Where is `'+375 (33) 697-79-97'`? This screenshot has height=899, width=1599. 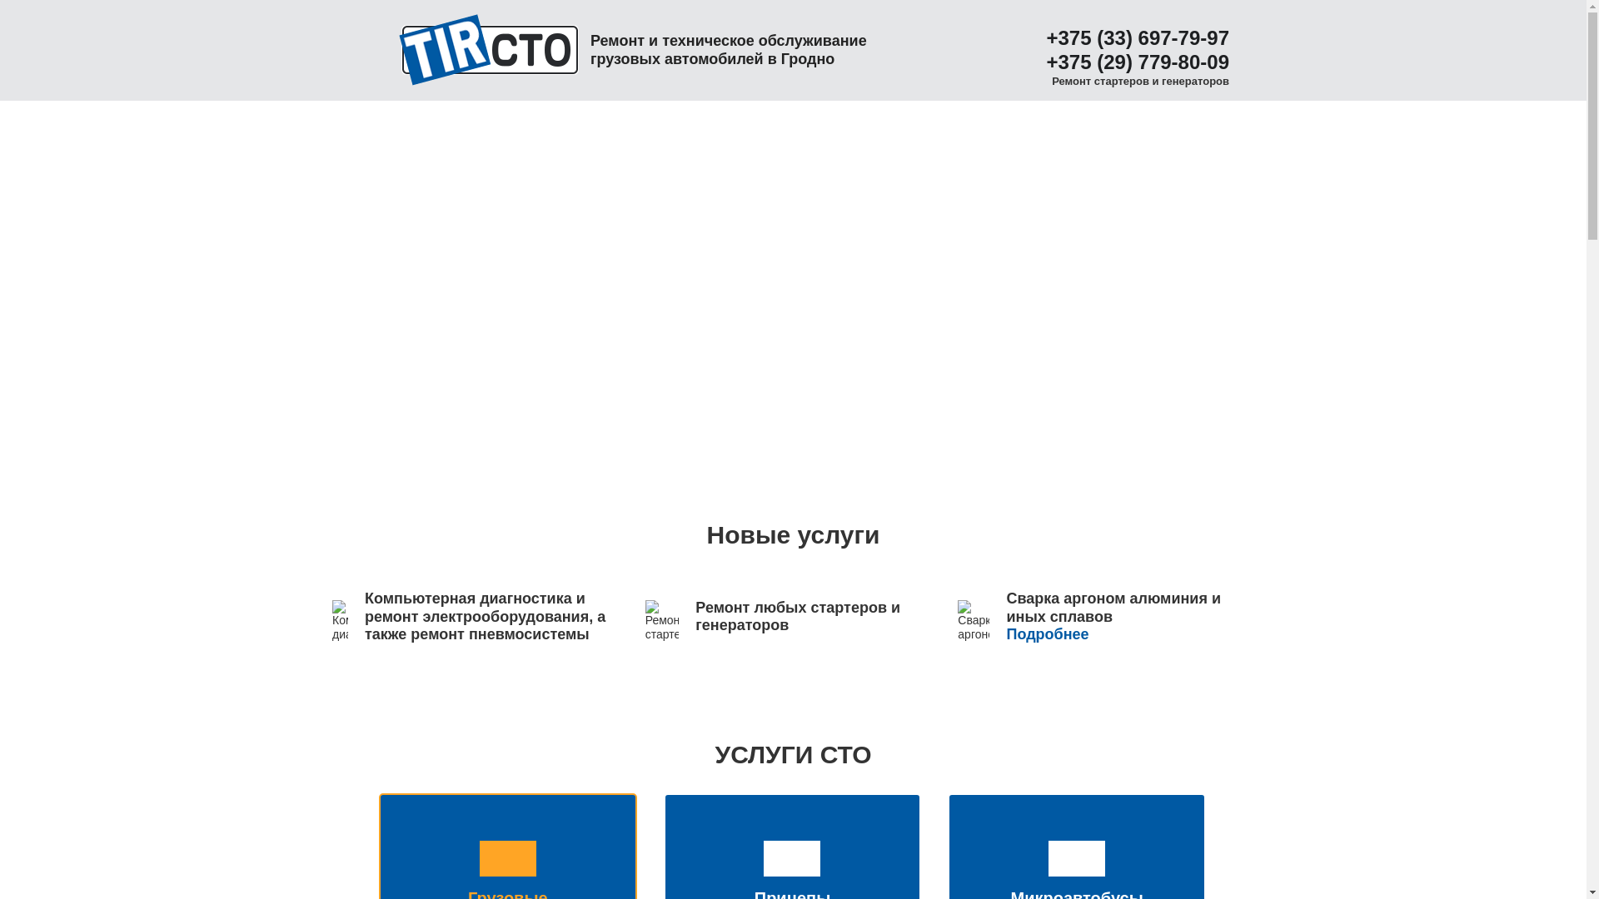
'+375 (33) 697-79-97' is located at coordinates (1133, 37).